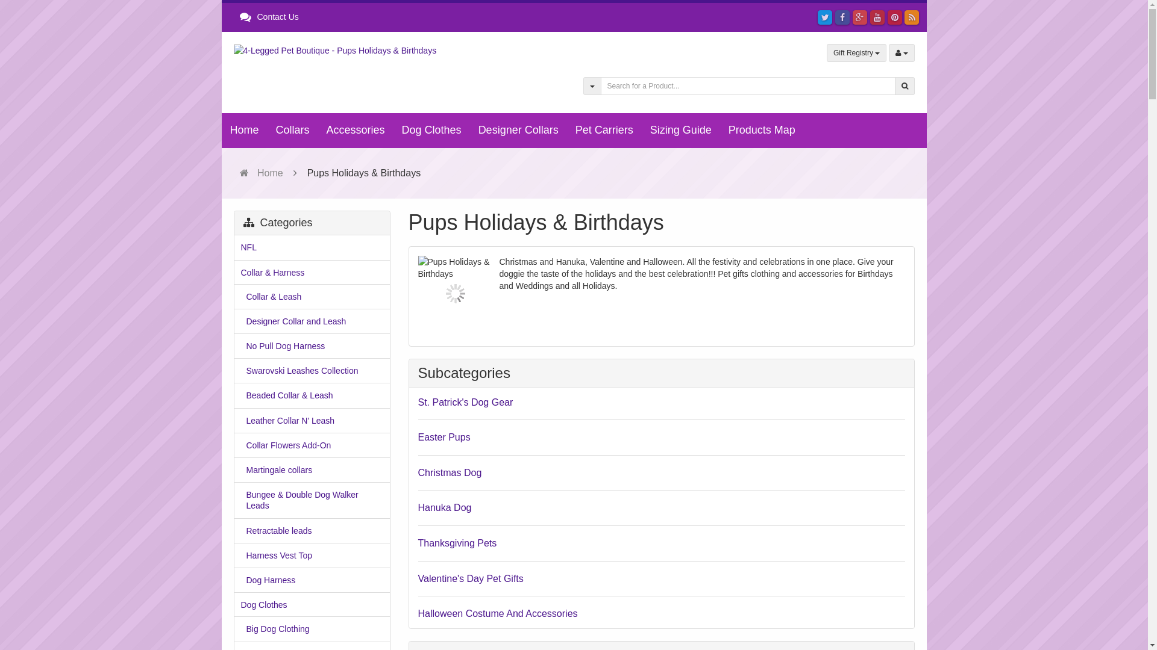 This screenshot has height=650, width=1157. What do you see at coordinates (312, 469) in the screenshot?
I see `'Martingale collars'` at bounding box center [312, 469].